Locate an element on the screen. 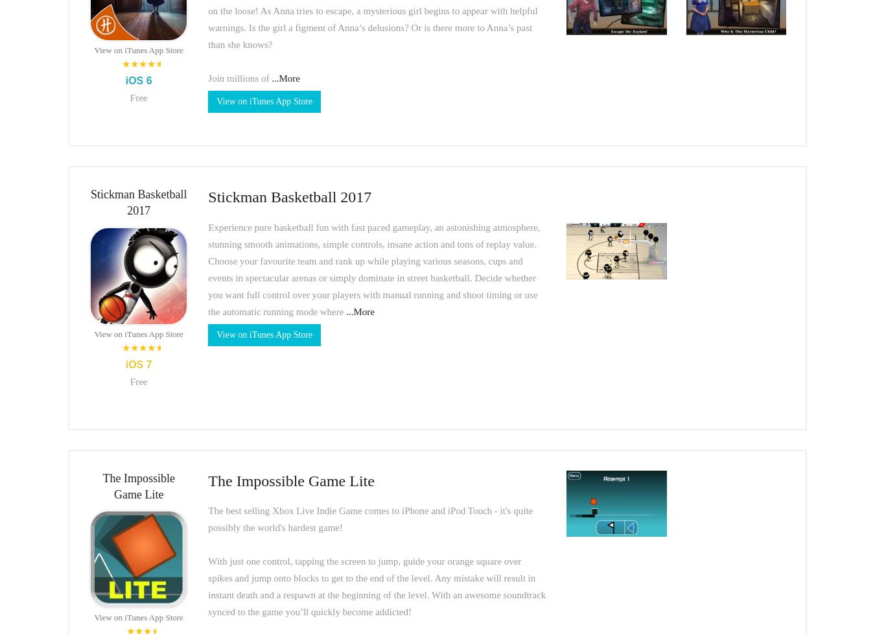 Image resolution: width=875 pixels, height=634 pixels. 'iOS 6' is located at coordinates (138, 80).